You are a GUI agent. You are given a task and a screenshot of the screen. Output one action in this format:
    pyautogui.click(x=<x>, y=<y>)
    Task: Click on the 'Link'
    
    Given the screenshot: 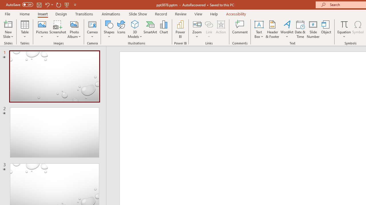 What is the action you would take?
    pyautogui.click(x=209, y=24)
    